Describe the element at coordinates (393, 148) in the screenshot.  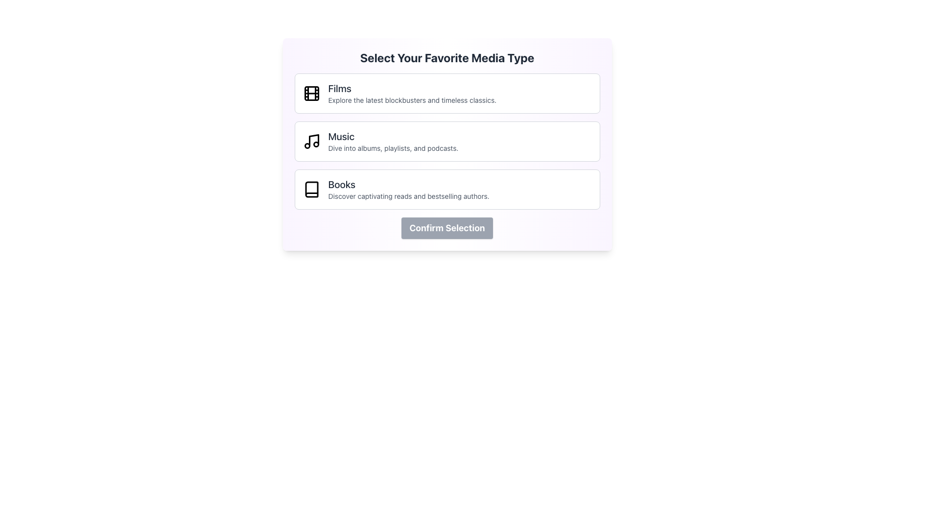
I see `text label that says 'Dive into albums, playlists, and podcasts.' which is positioned below the 'Music' heading in the vertical menu` at that location.